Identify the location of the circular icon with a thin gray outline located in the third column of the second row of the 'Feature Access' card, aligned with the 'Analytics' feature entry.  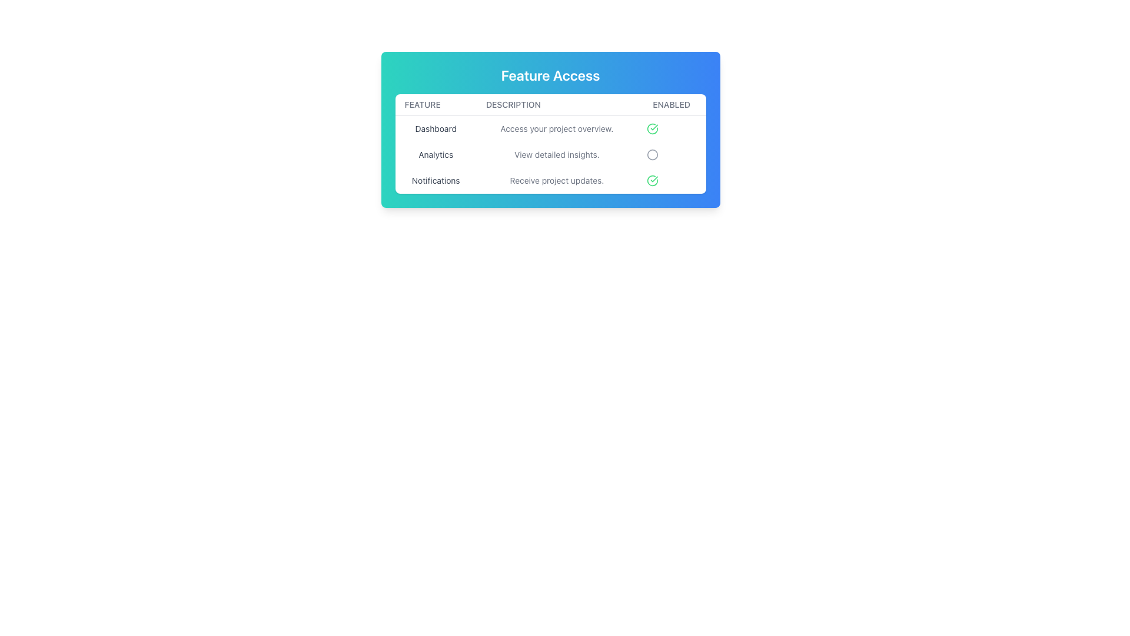
(652, 154).